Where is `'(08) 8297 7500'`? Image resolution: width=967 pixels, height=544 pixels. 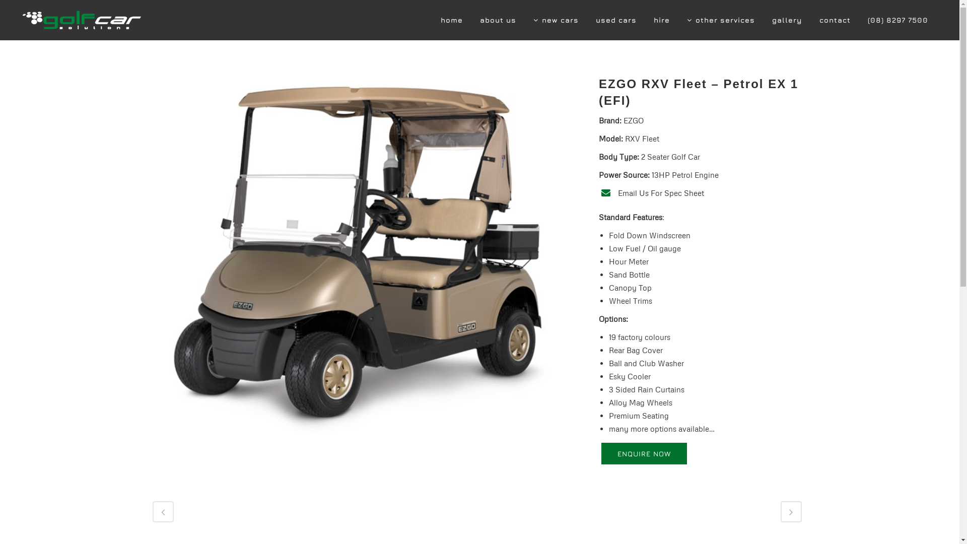 '(08) 8297 7500' is located at coordinates (897, 20).